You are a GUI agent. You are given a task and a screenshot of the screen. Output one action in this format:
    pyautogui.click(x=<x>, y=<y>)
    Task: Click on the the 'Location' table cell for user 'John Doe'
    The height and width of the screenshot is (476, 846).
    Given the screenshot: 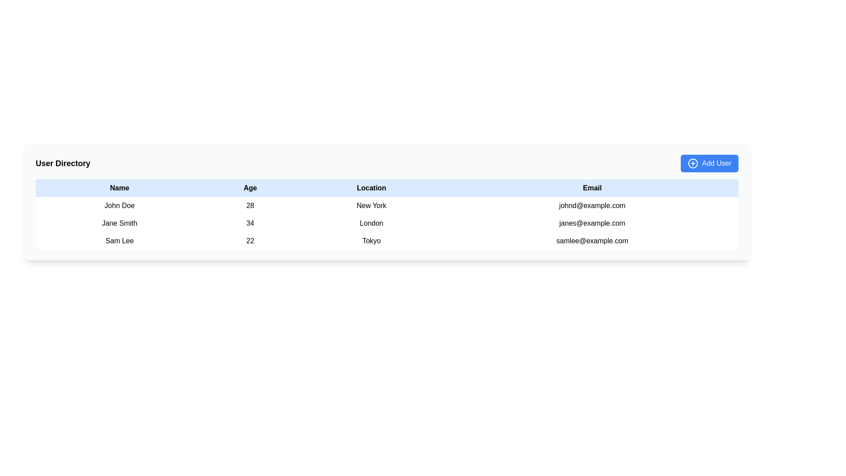 What is the action you would take?
    pyautogui.click(x=371, y=205)
    